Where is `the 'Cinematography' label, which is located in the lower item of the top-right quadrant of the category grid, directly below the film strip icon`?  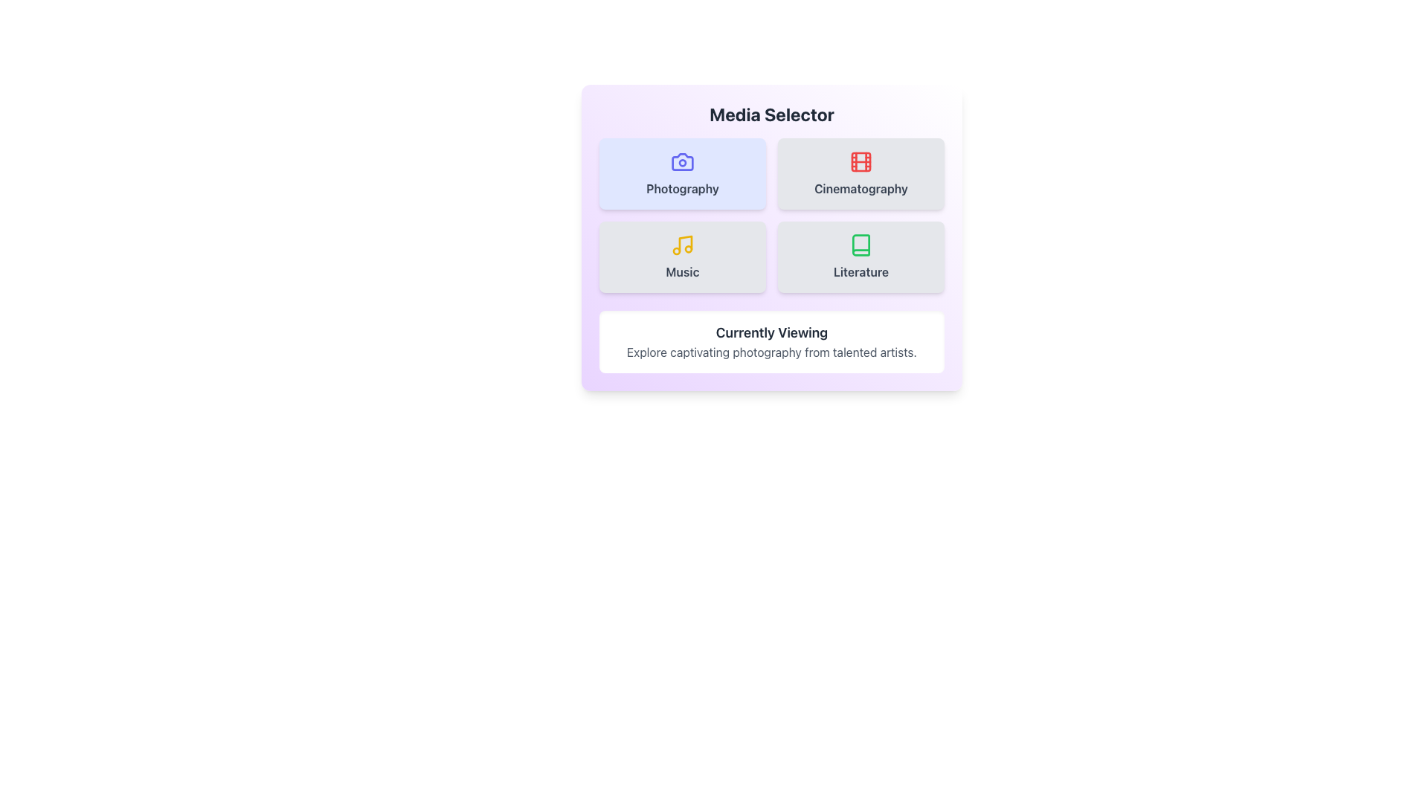 the 'Cinematography' label, which is located in the lower item of the top-right quadrant of the category grid, directly below the film strip icon is located at coordinates (861, 188).